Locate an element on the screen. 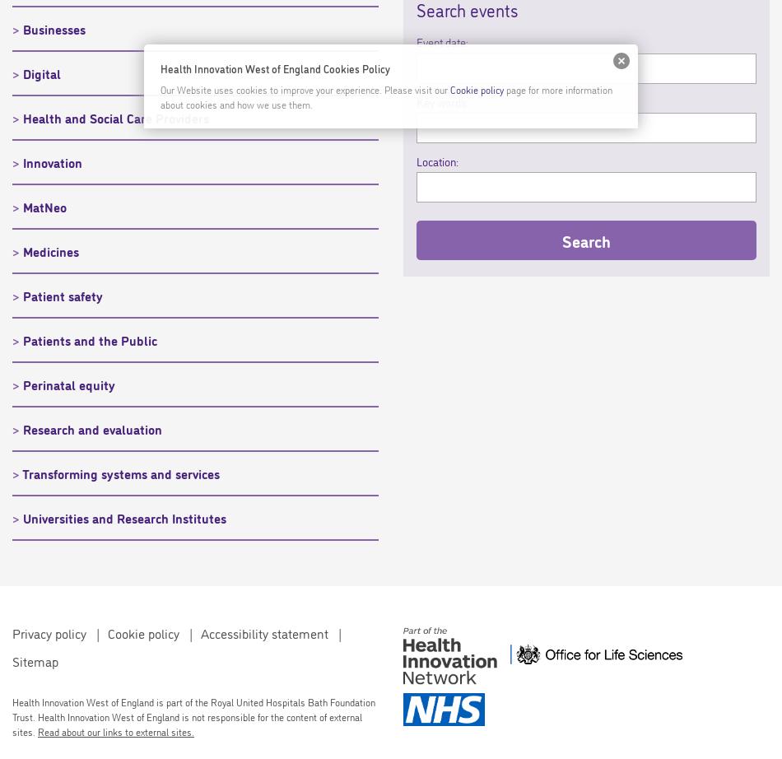 The height and width of the screenshot is (759, 782). 'Read about our links to external sites.' is located at coordinates (115, 730).